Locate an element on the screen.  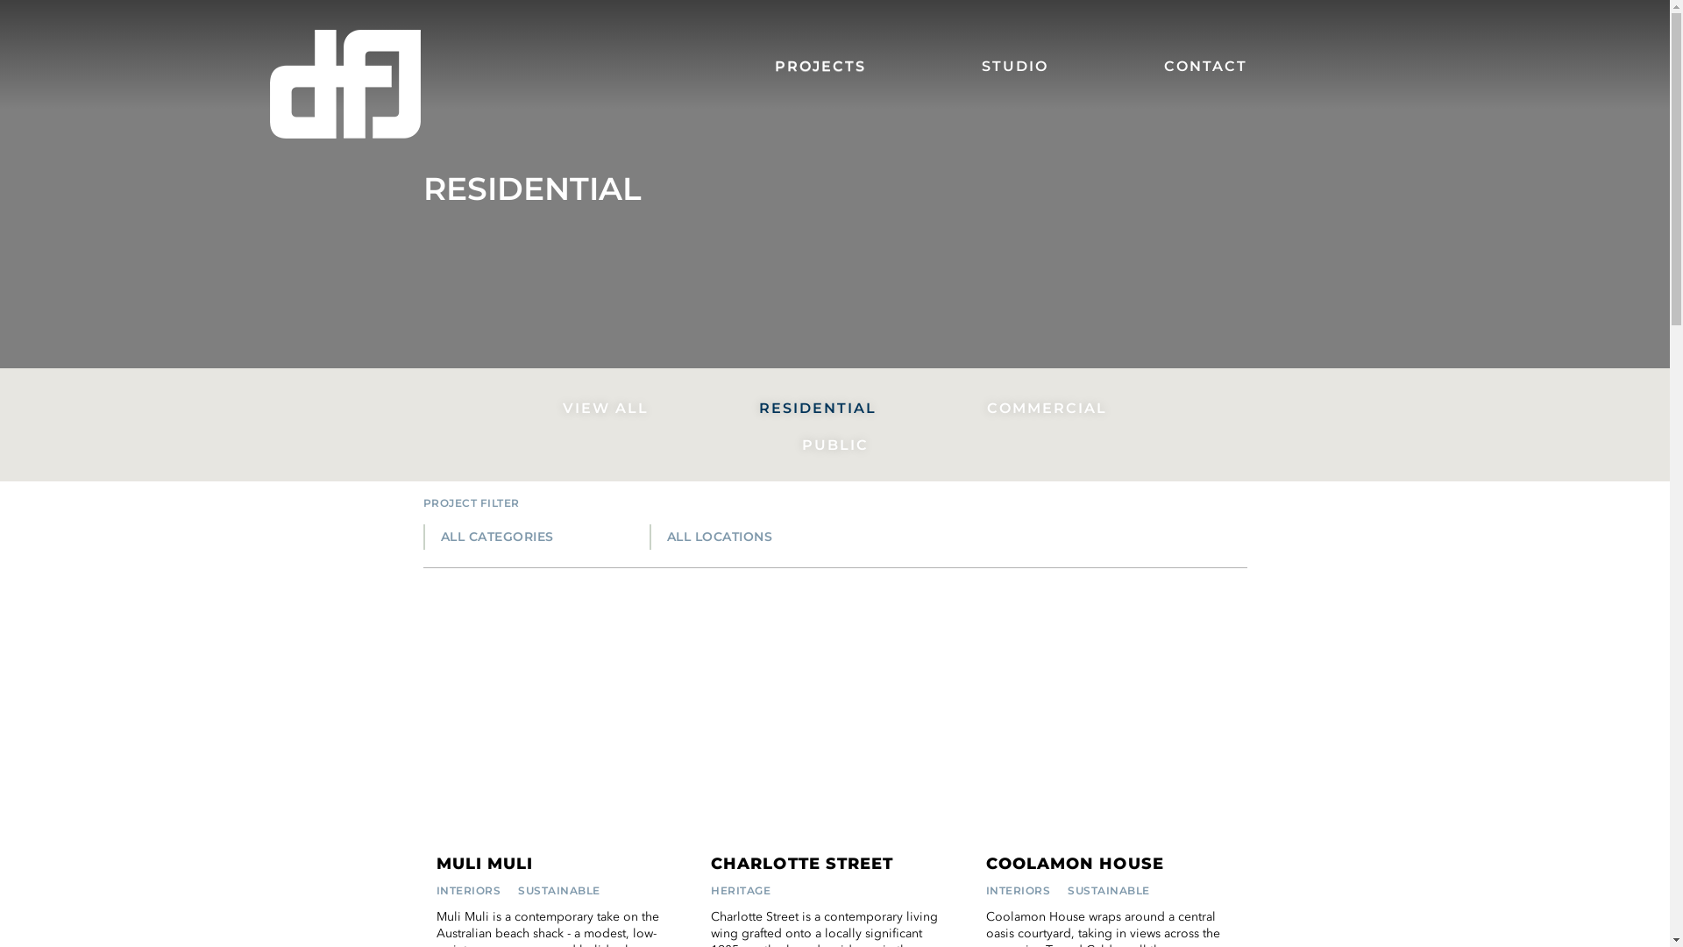
' STUDIO' is located at coordinates (1011, 66).